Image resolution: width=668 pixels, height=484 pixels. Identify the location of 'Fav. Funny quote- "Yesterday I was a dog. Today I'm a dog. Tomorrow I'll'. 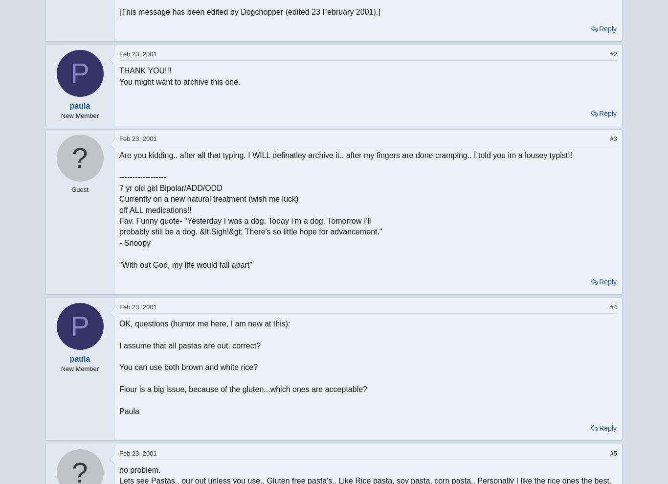
(245, 220).